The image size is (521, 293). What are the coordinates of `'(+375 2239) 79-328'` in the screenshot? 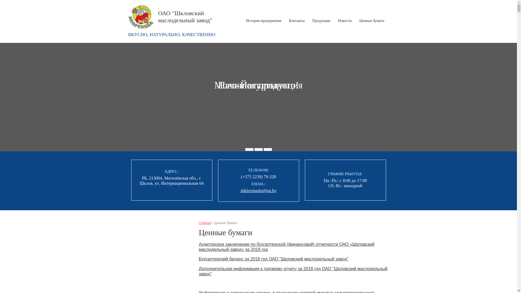 It's located at (258, 177).